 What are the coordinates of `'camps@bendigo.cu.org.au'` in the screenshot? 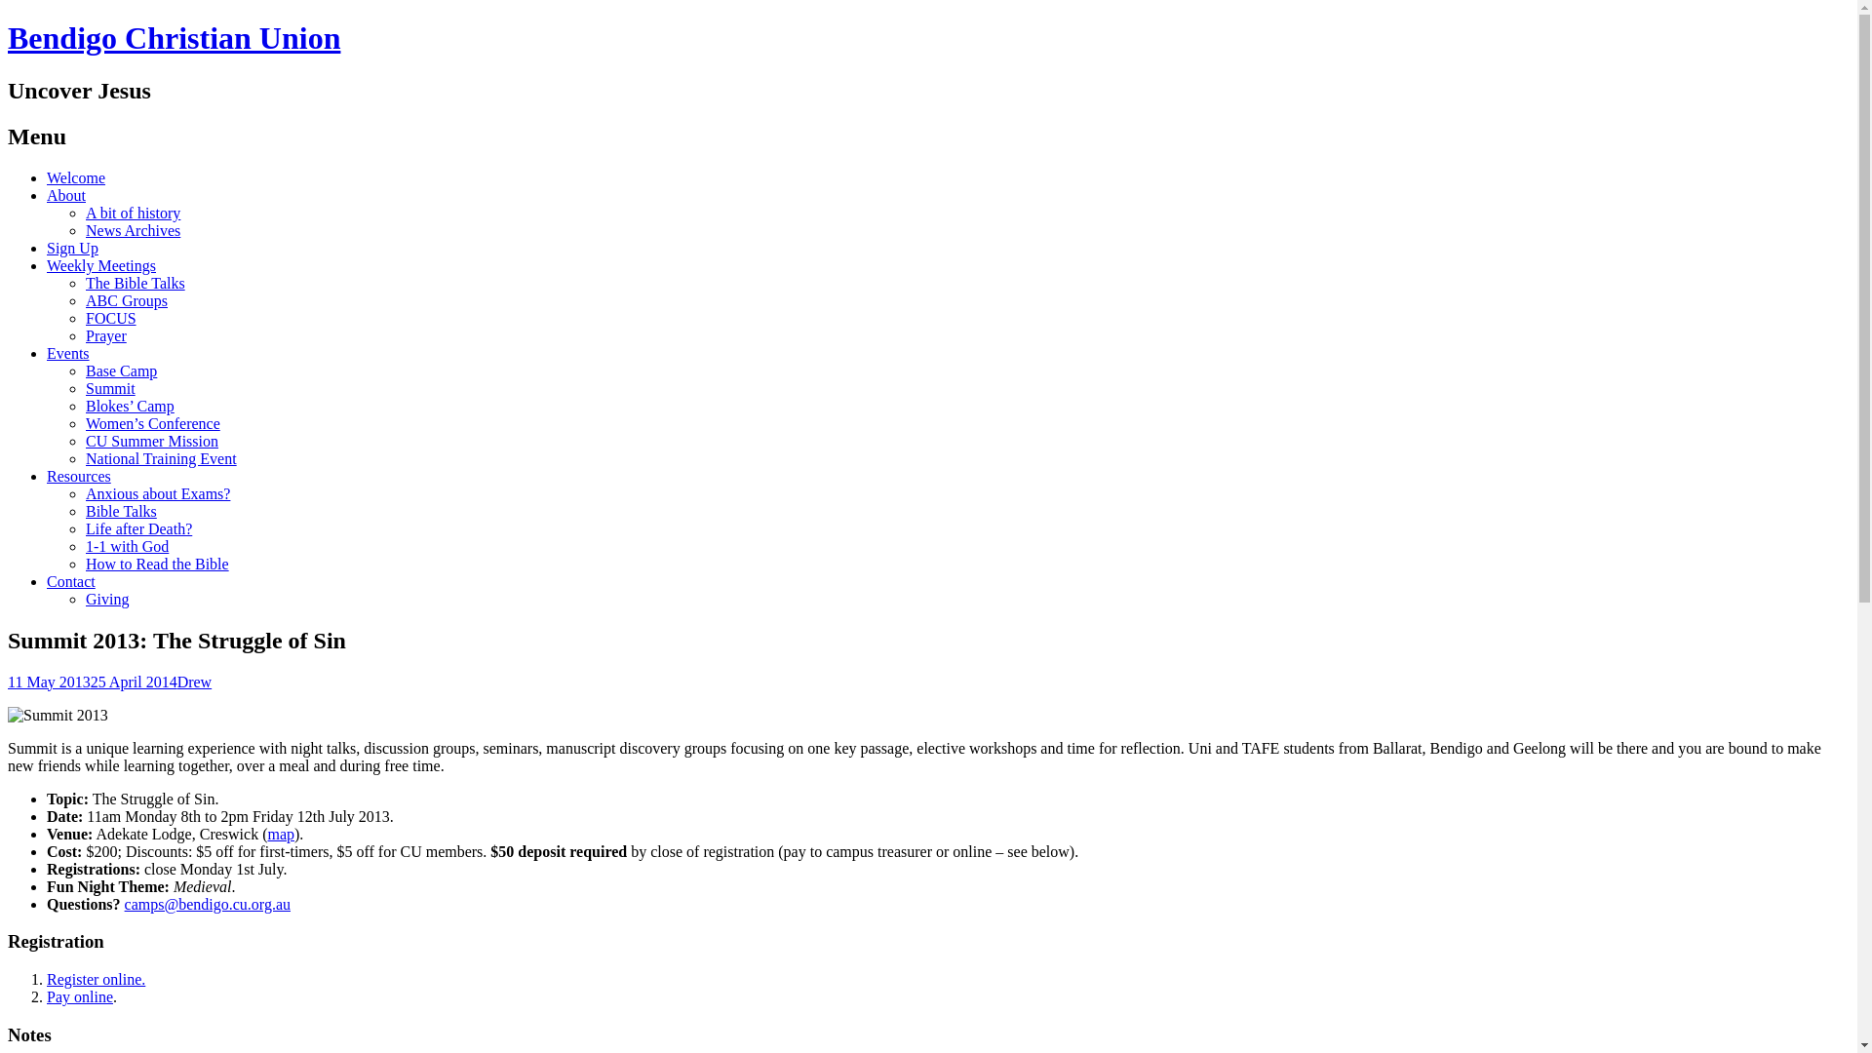 It's located at (207, 903).